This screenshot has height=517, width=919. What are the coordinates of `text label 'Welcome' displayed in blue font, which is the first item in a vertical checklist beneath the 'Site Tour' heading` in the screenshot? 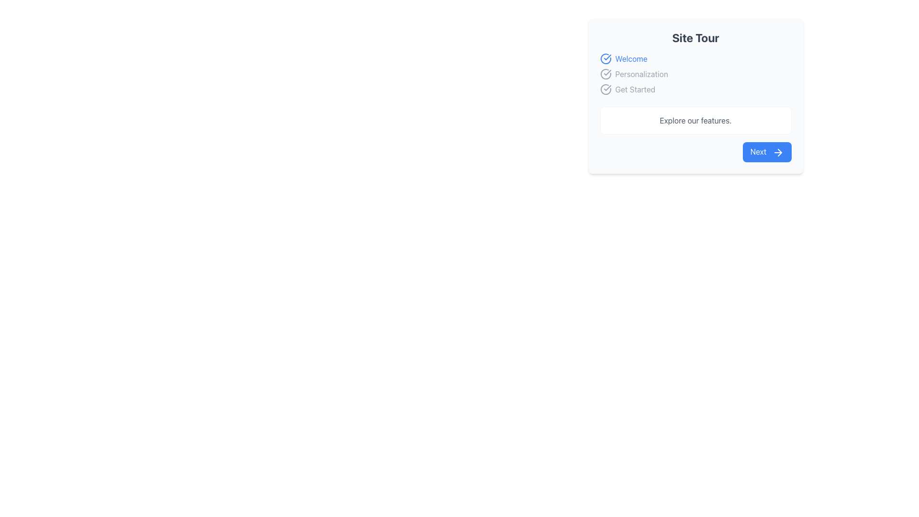 It's located at (631, 59).